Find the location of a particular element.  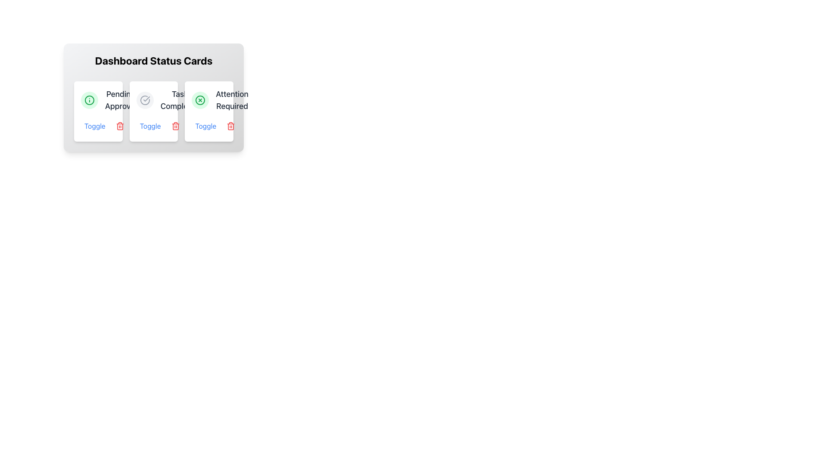

the static text label that displays 'Task Completed', which is presented in a medium-sized, bold, gray font and is located at the top of its card-style interface is located at coordinates (179, 99).